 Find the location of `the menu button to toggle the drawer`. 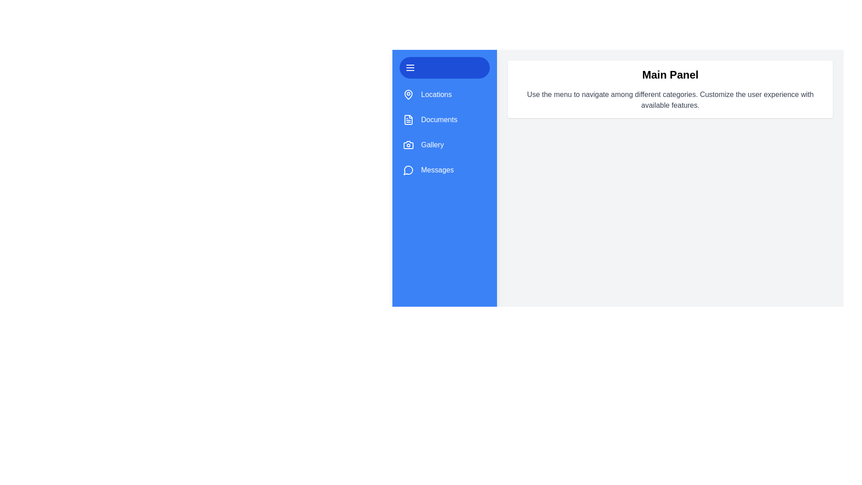

the menu button to toggle the drawer is located at coordinates (444, 67).